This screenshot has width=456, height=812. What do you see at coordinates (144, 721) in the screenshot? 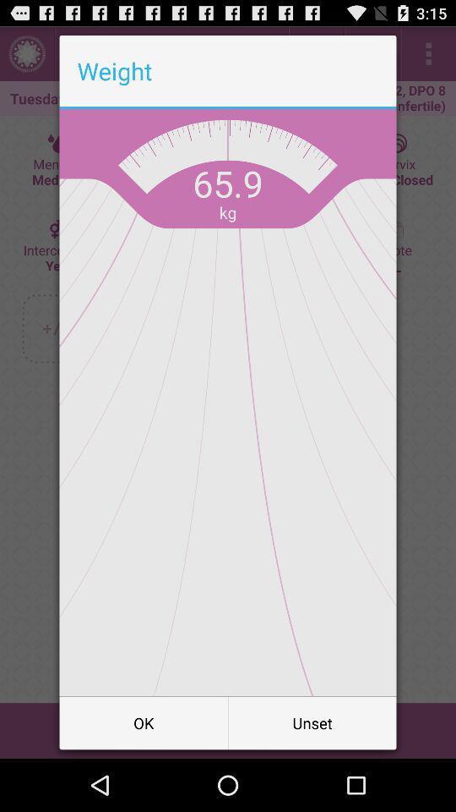
I see `button next to the unset icon` at bounding box center [144, 721].